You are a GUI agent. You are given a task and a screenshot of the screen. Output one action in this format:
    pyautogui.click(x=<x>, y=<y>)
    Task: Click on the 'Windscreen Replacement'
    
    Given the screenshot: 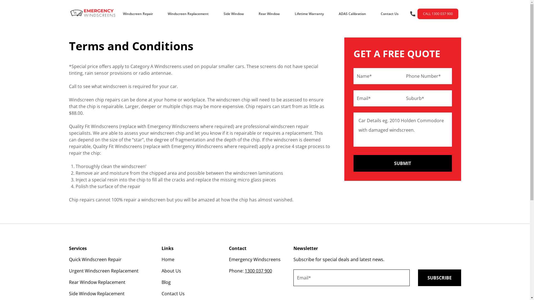 What is the action you would take?
    pyautogui.click(x=162, y=14)
    